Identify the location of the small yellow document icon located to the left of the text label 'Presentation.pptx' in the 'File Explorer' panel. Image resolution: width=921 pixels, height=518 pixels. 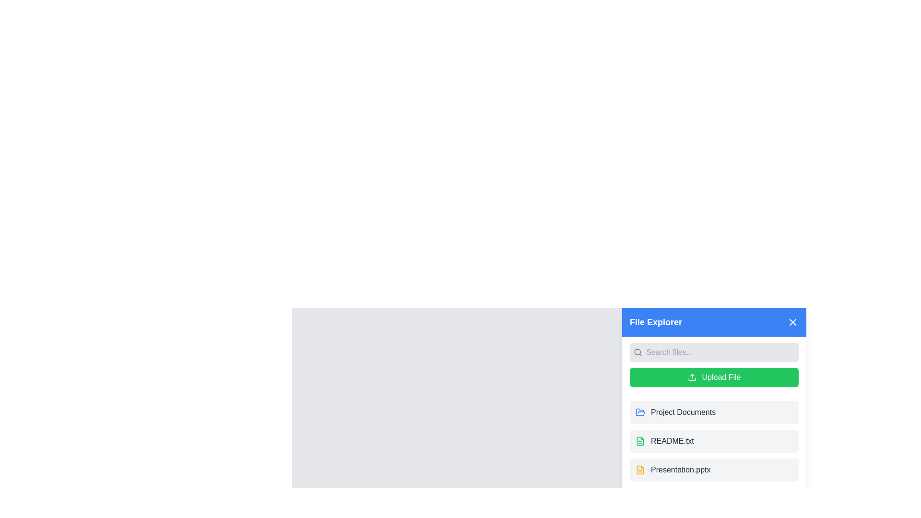
(640, 469).